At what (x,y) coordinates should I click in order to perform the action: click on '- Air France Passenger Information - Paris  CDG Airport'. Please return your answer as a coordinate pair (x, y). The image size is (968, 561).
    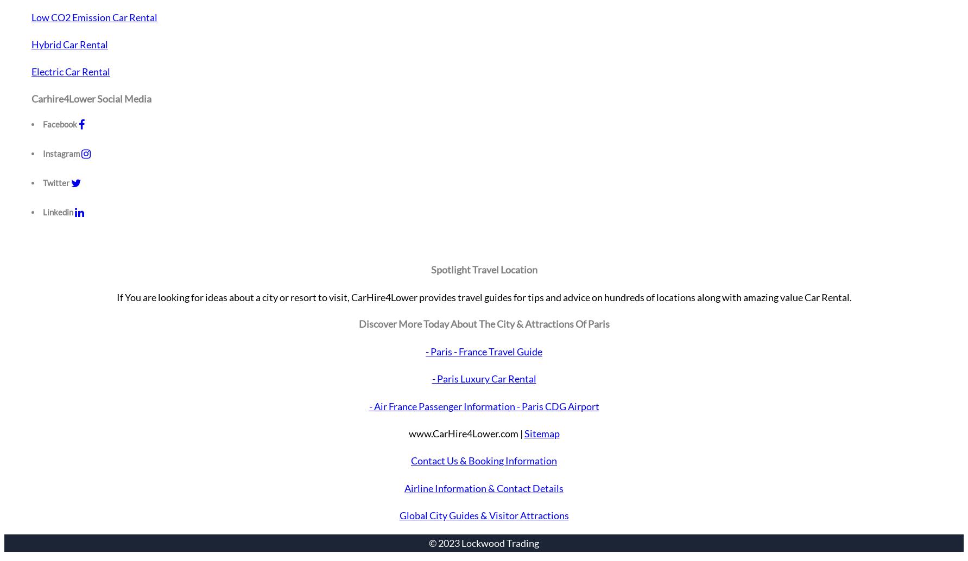
    Looking at the image, I should click on (483, 405).